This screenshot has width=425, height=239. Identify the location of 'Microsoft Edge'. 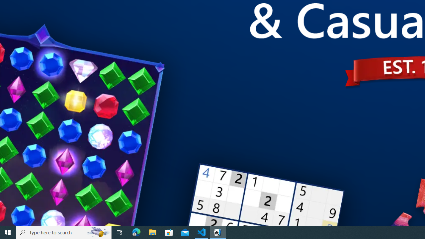
(136, 232).